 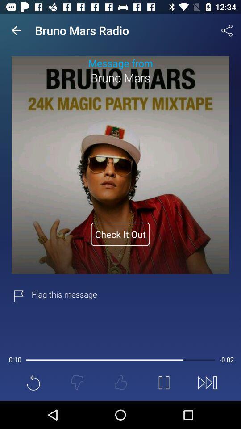 I want to click on the pause icon, so click(x=163, y=382).